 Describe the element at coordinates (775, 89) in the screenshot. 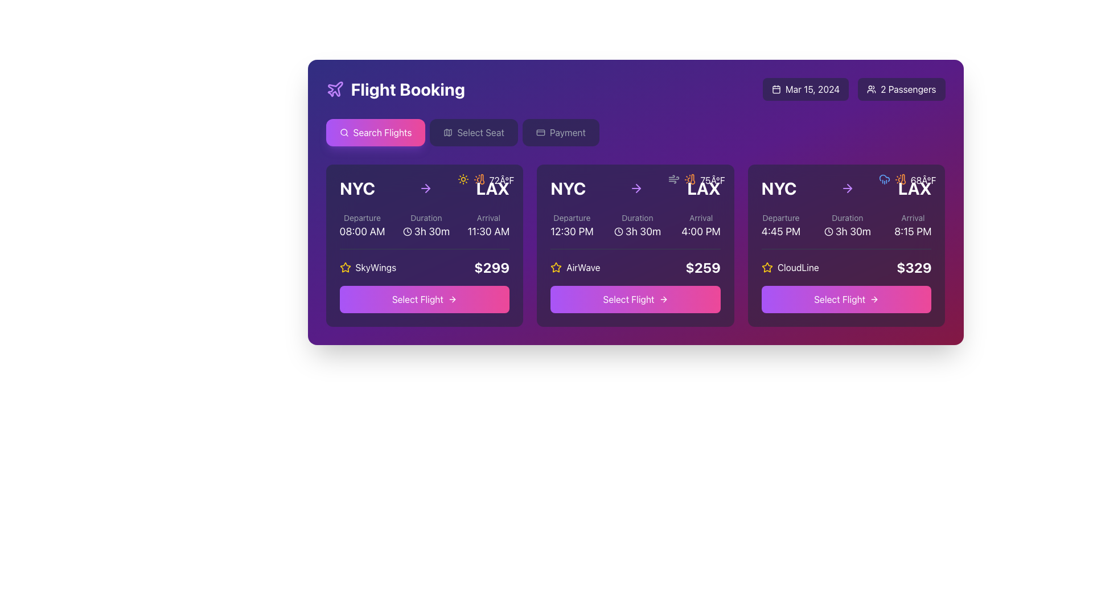

I see `the rounded rectangle component of the calendar icon located in the top-right toolbar, which is positioned to the left of the date display 'Mar 15, 2024'` at that location.